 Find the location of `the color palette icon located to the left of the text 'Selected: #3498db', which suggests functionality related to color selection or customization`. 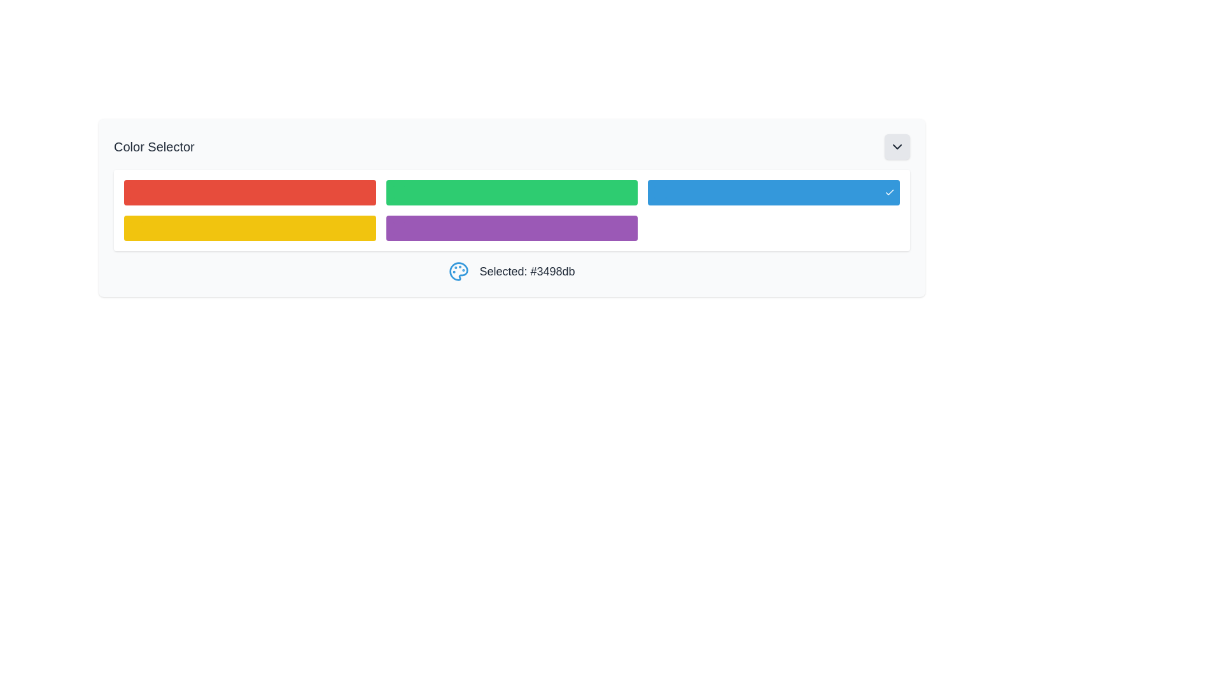

the color palette icon located to the left of the text 'Selected: #3498db', which suggests functionality related to color selection or customization is located at coordinates (458, 271).